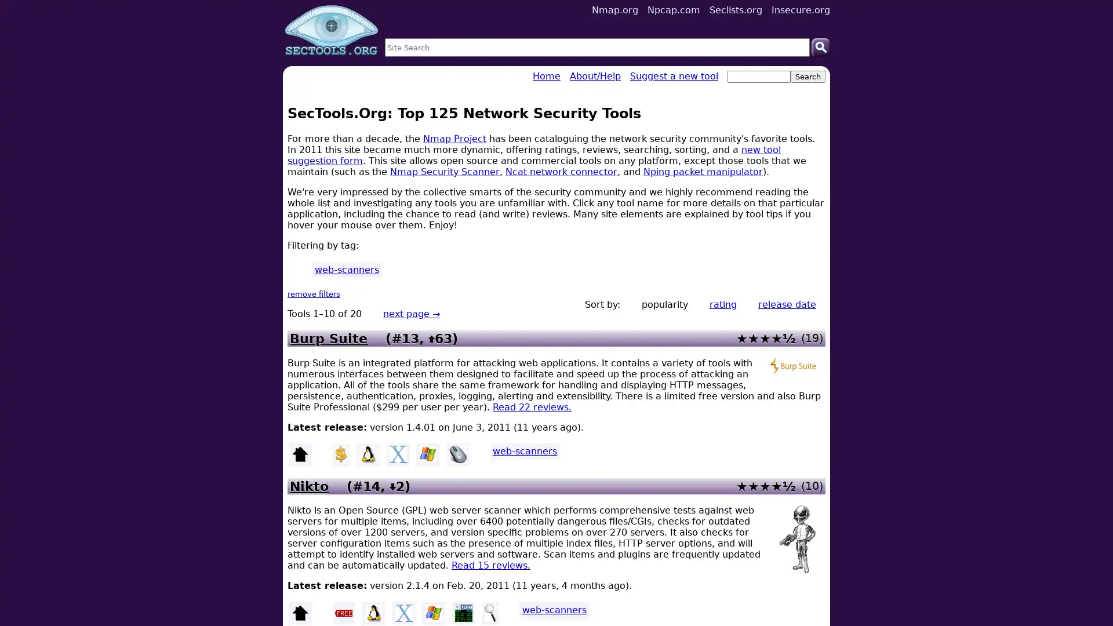 The height and width of the screenshot is (626, 1113). Describe the element at coordinates (820, 46) in the screenshot. I see `Search` at that location.